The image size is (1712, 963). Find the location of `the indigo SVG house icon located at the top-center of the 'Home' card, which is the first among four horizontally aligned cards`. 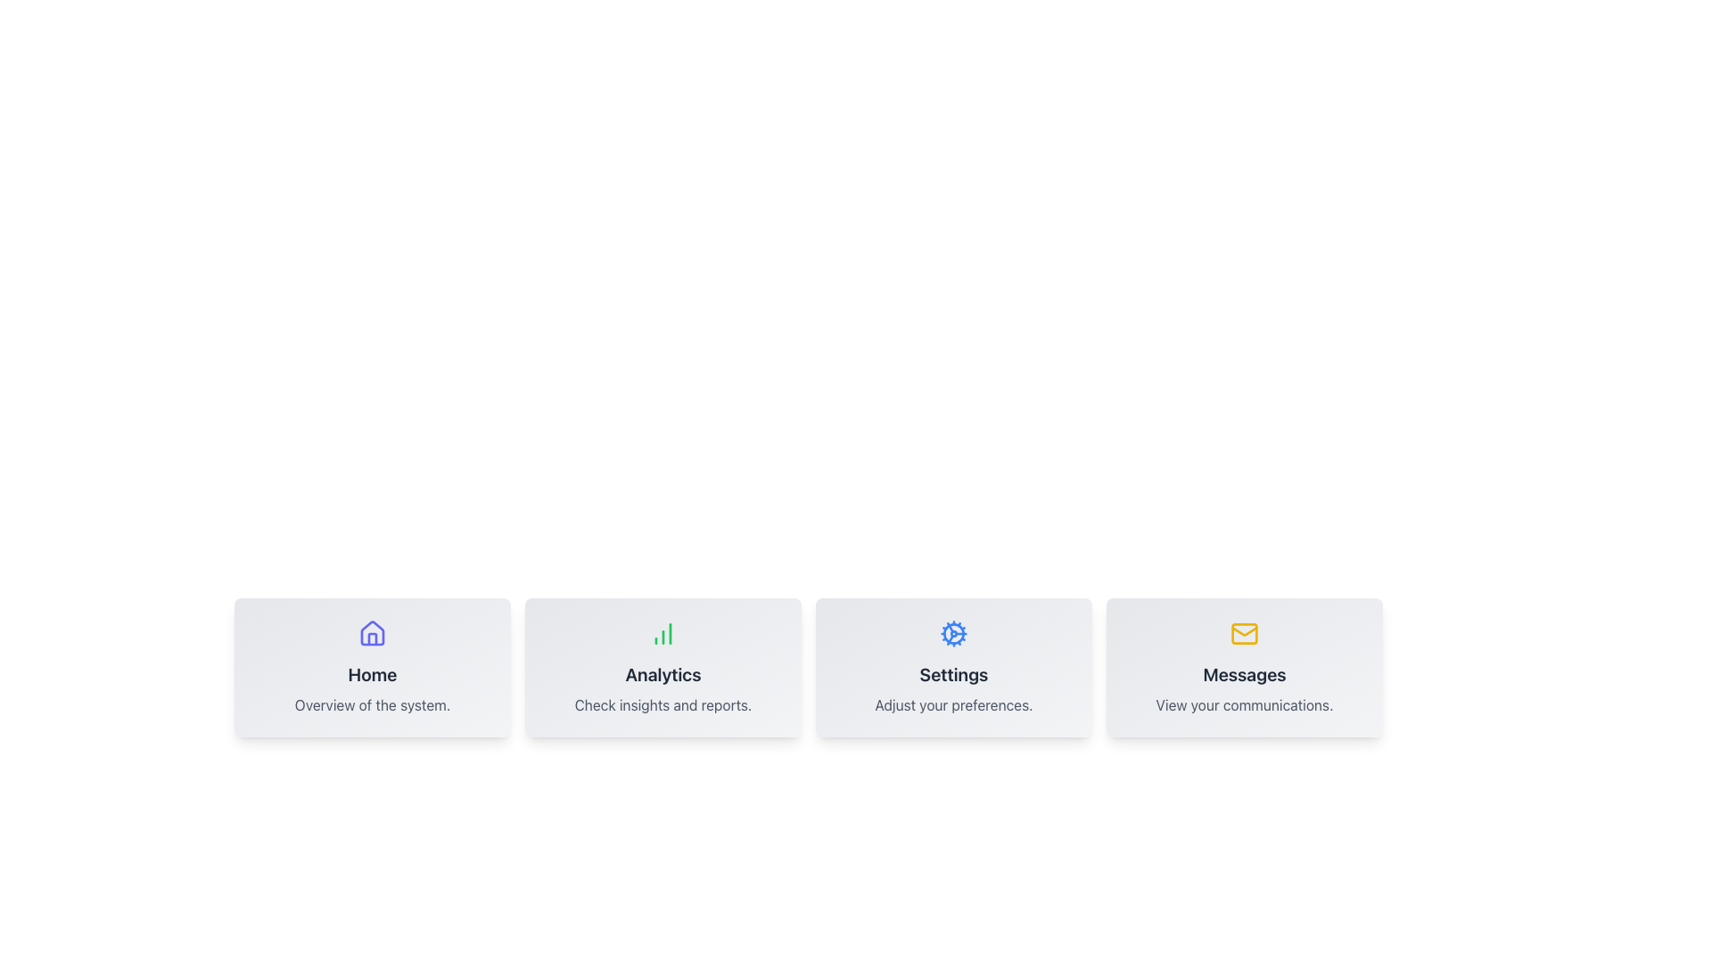

the indigo SVG house icon located at the top-center of the 'Home' card, which is the first among four horizontally aligned cards is located at coordinates (371, 632).